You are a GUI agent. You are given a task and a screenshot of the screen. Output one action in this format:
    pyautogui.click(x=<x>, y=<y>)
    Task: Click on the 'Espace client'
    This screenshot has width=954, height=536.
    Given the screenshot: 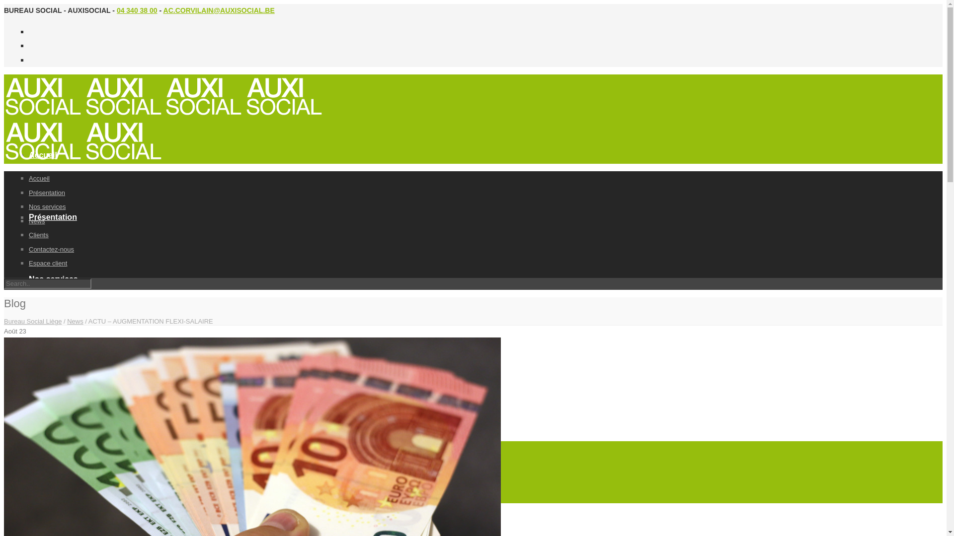 What is the action you would take?
    pyautogui.click(x=28, y=527)
    